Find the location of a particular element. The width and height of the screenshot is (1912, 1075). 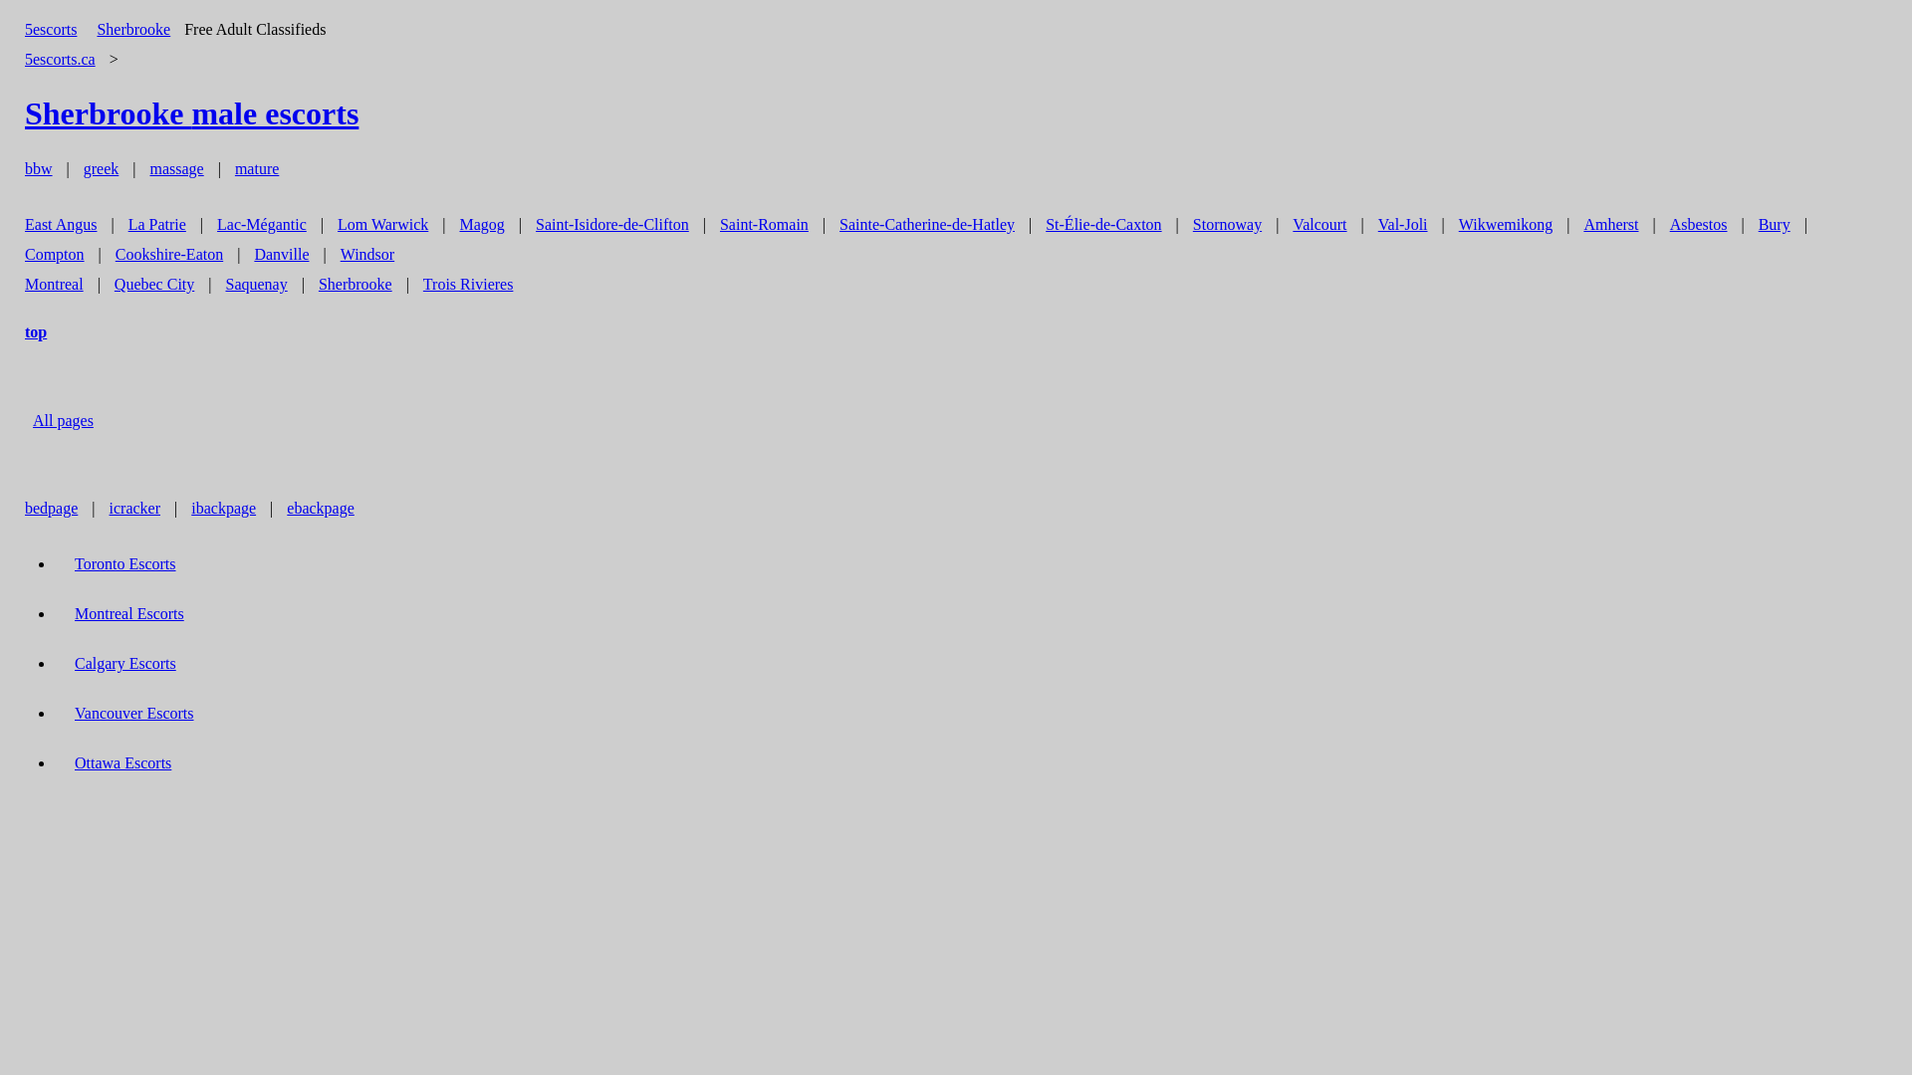

'East Angus' is located at coordinates (61, 224).